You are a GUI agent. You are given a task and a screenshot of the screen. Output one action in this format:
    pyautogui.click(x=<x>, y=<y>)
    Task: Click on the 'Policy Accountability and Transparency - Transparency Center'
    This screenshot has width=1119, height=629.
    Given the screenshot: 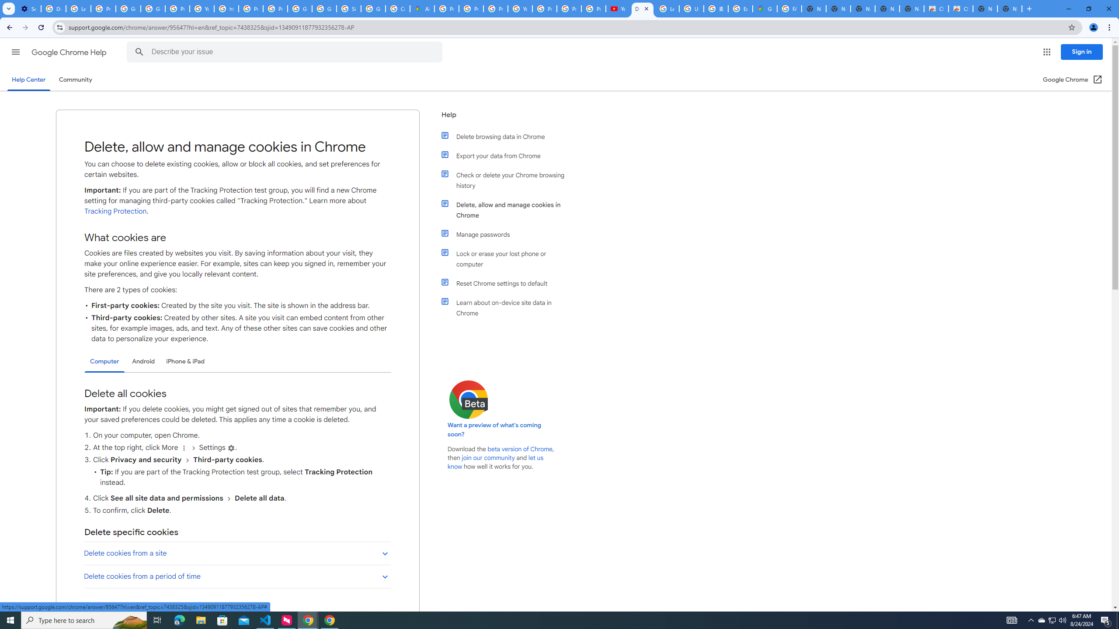 What is the action you would take?
    pyautogui.click(x=447, y=8)
    